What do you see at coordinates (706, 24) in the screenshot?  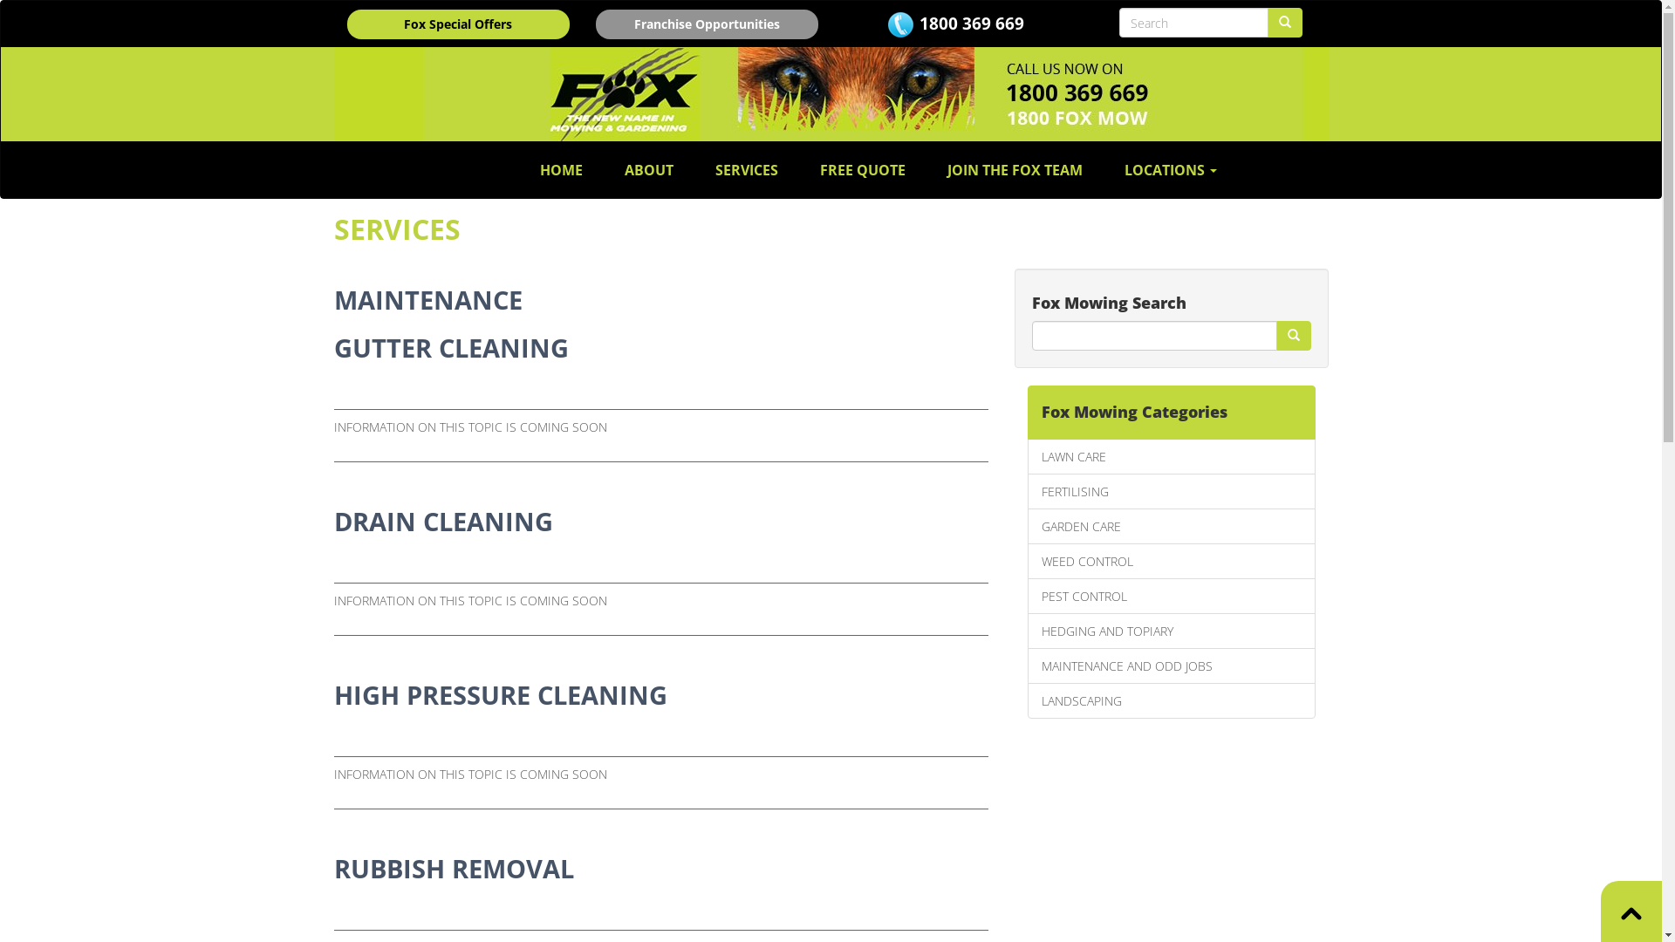 I see `'Franchise Opportunities'` at bounding box center [706, 24].